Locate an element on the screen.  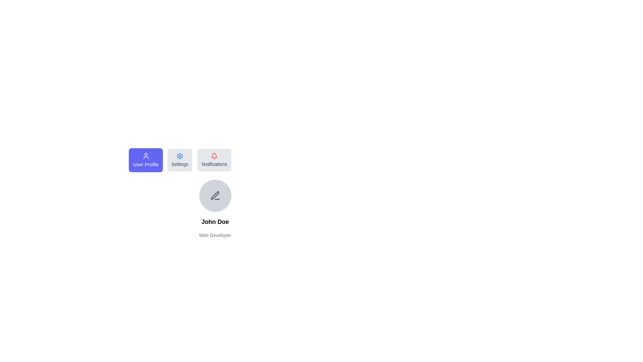
the 'Settings' button in the navigation bar to possibly reveal further details is located at coordinates (215, 160).